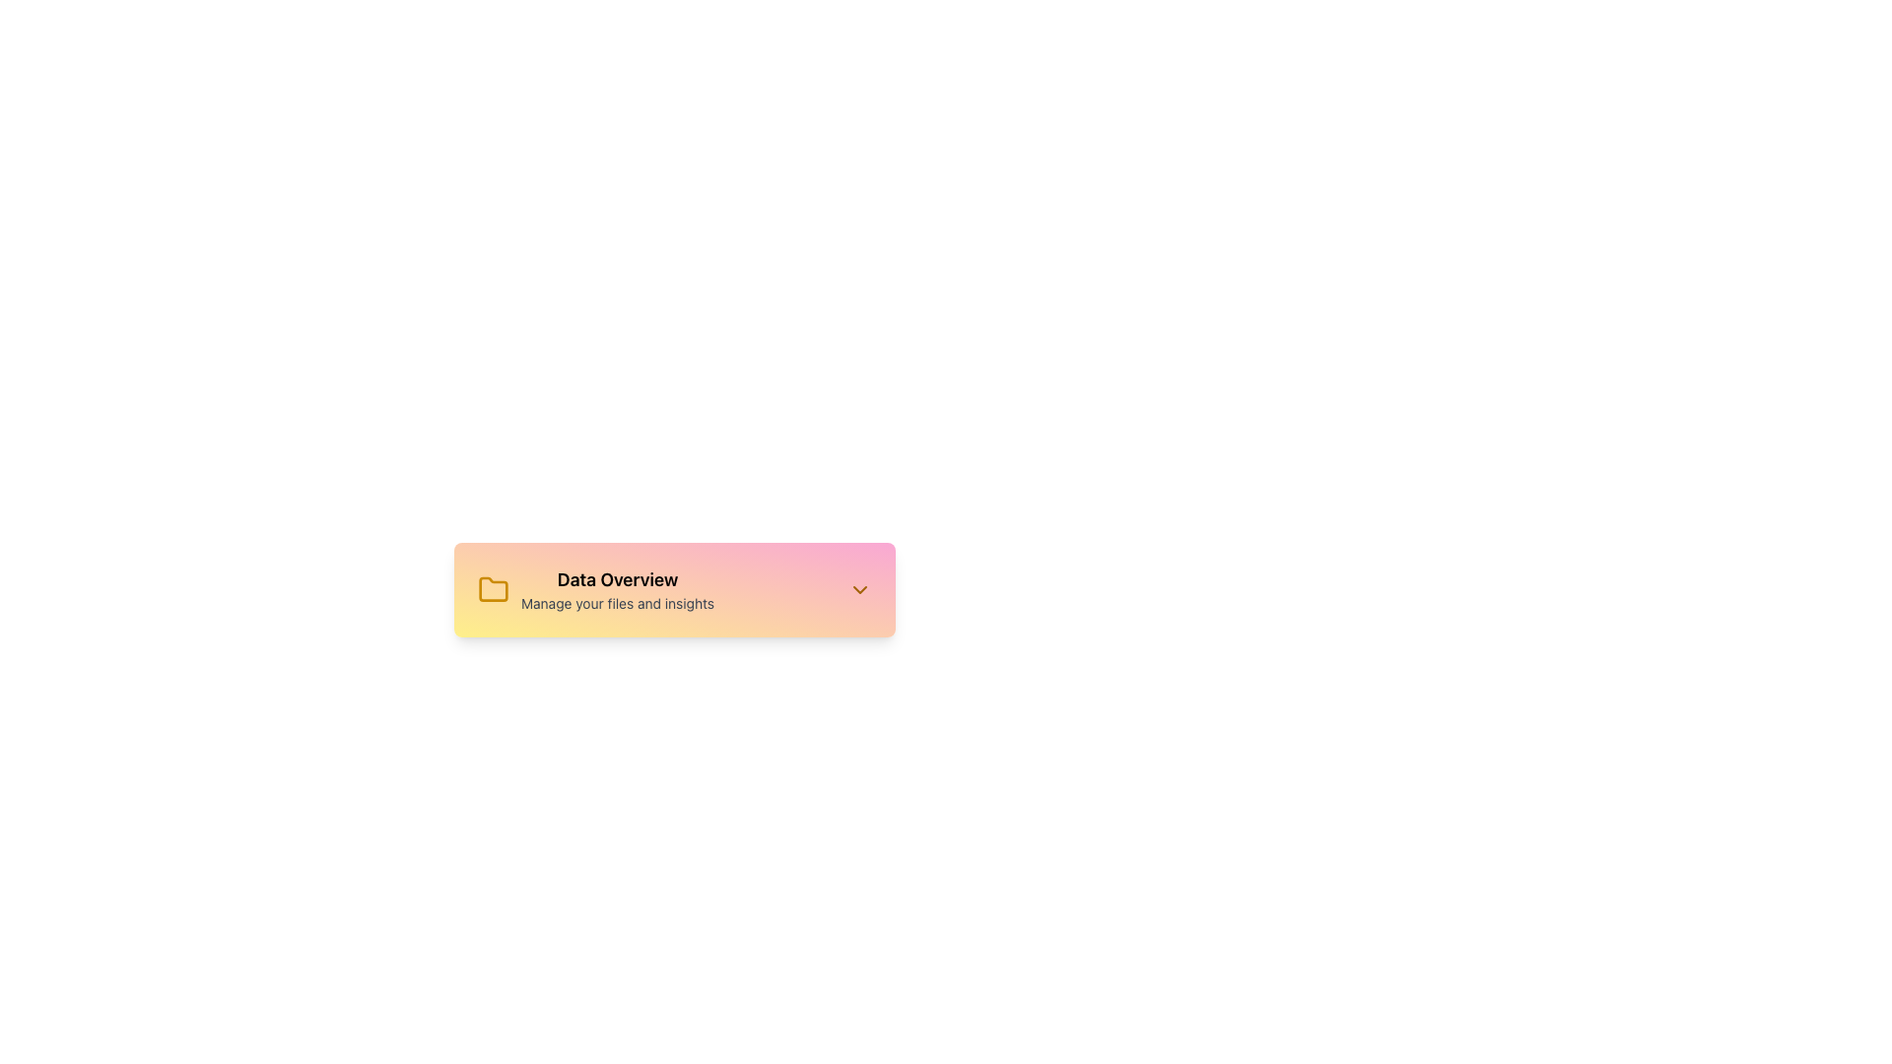 This screenshot has height=1064, width=1892. What do you see at coordinates (493, 588) in the screenshot?
I see `the folder icon located to the left of the 'Data Overview' and 'Manage your files and insights' text elements to interact with it` at bounding box center [493, 588].